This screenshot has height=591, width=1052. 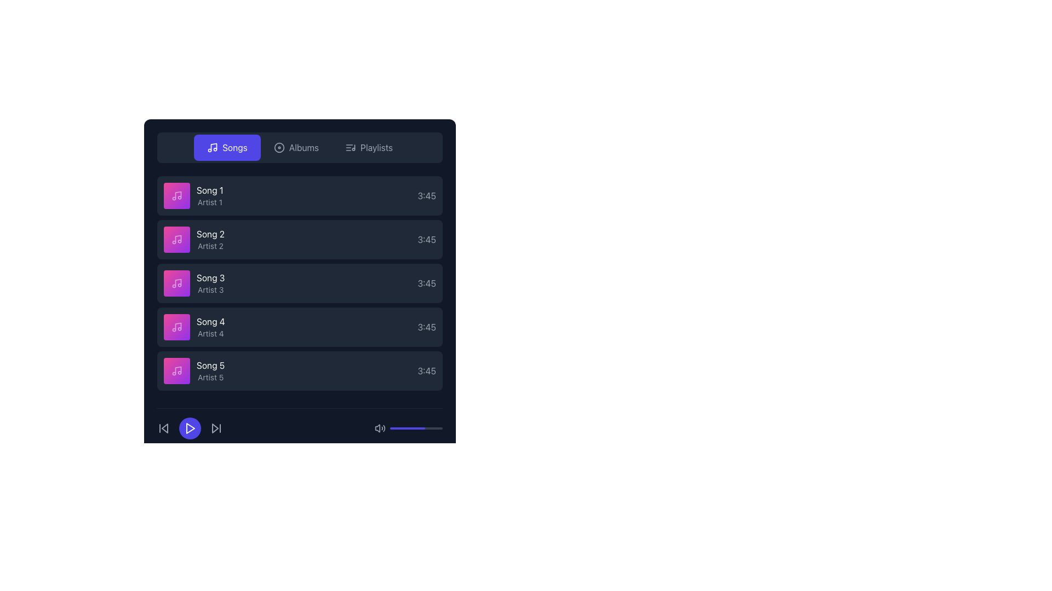 I want to click on the triangular play or skip-backward icon located at the bottom left corner of the media control interface, adjacent to the play button, so click(x=164, y=428).